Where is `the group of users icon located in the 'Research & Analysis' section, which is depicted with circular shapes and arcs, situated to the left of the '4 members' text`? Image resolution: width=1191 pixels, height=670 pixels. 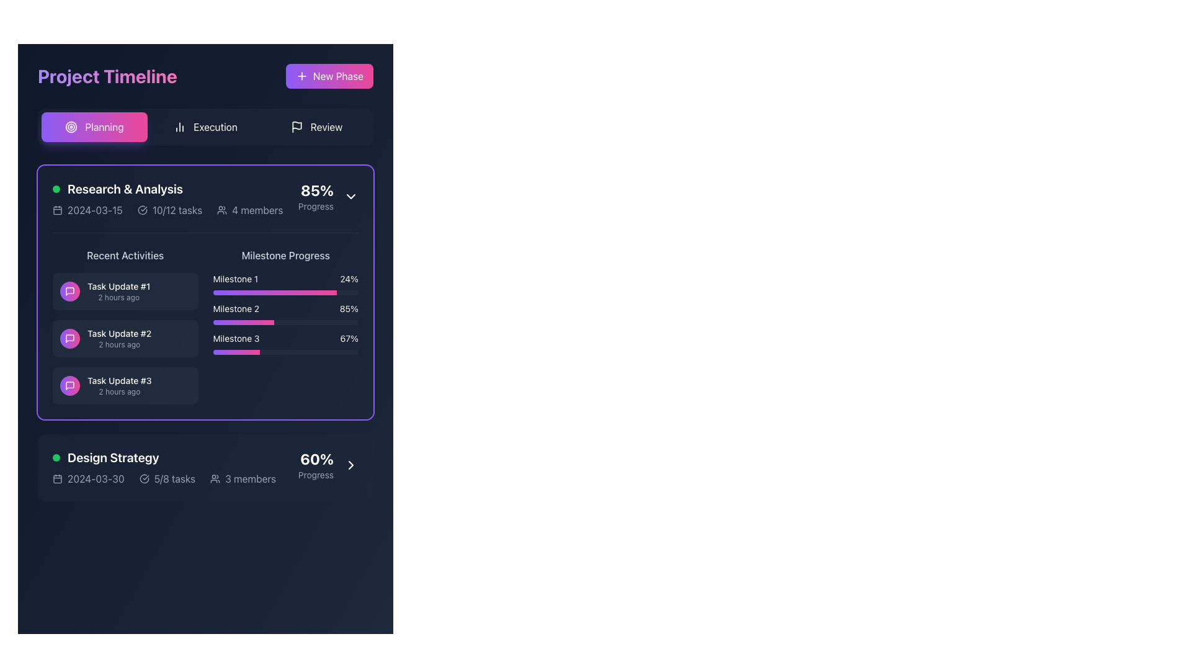
the group of users icon located in the 'Research & Analysis' section, which is depicted with circular shapes and arcs, situated to the left of the '4 members' text is located at coordinates (222, 210).